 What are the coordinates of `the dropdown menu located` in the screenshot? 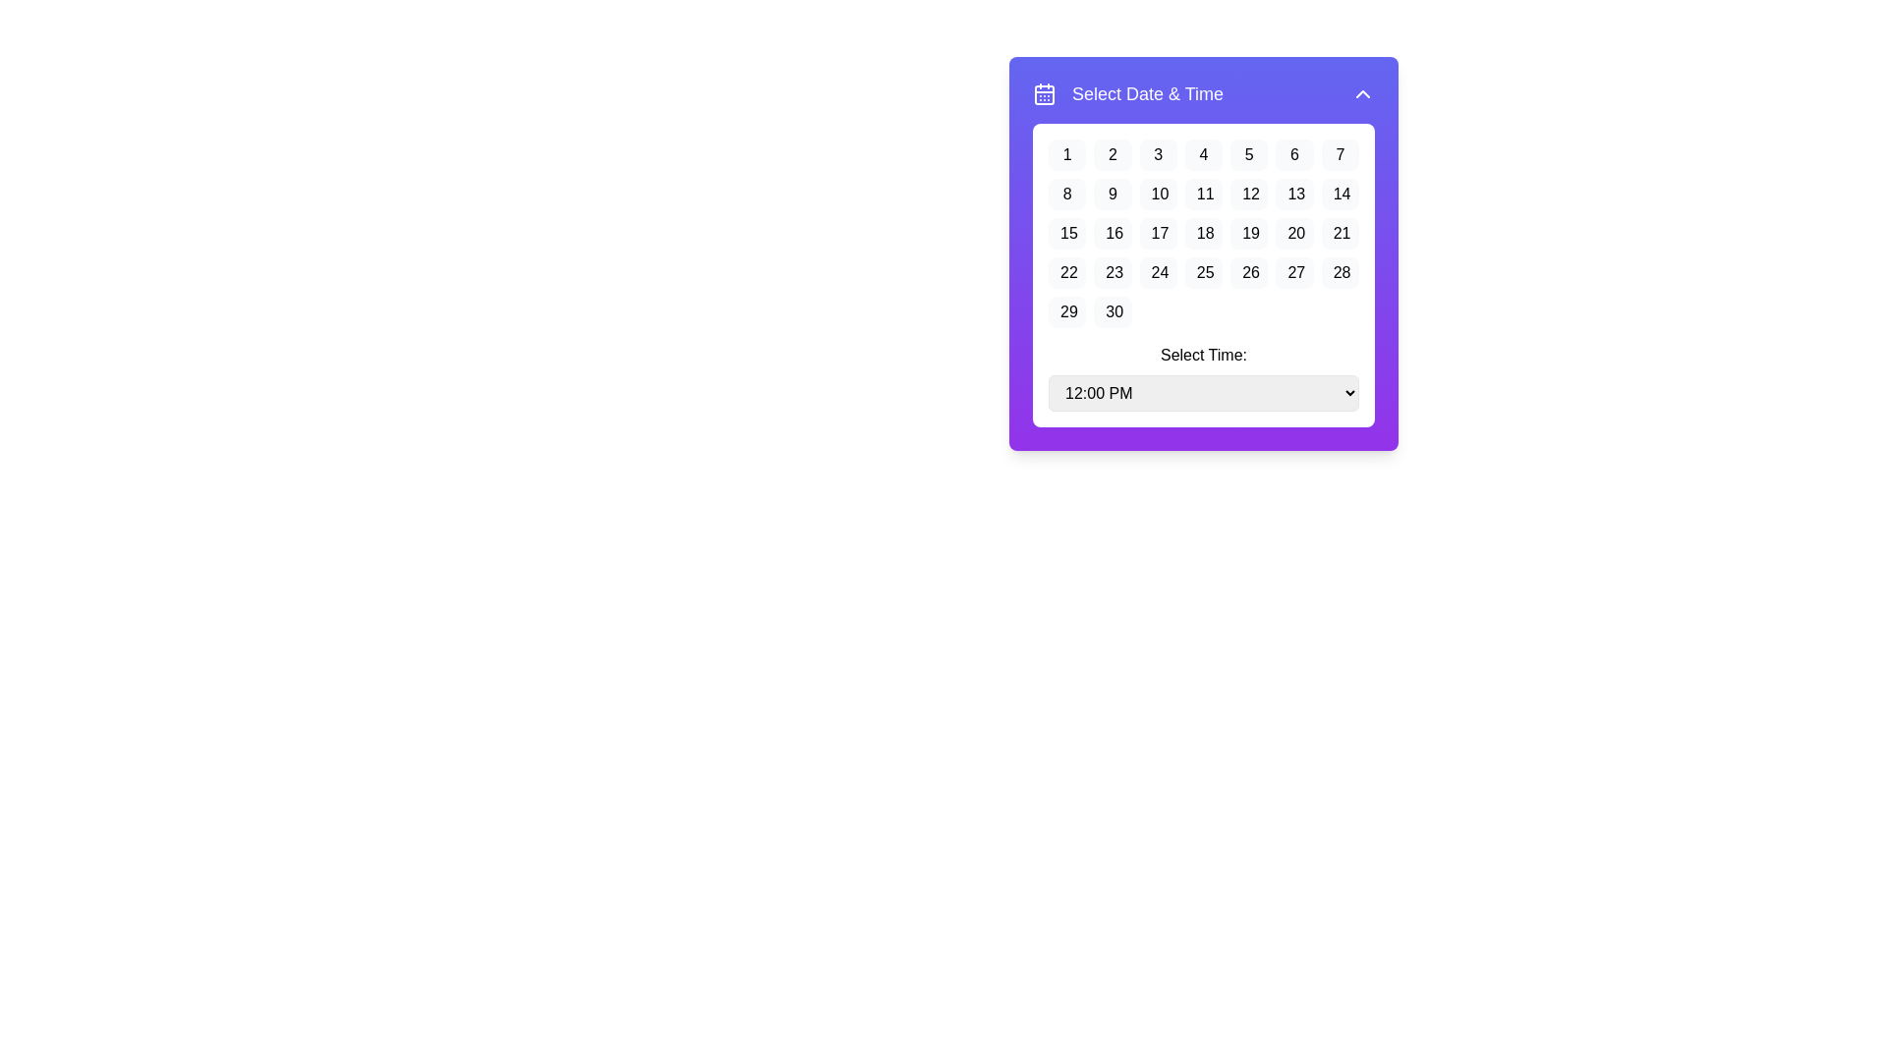 It's located at (1202, 377).